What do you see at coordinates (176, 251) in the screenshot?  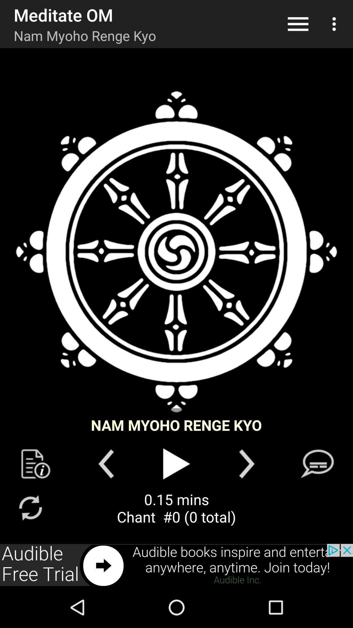 I see `launch mantra` at bounding box center [176, 251].